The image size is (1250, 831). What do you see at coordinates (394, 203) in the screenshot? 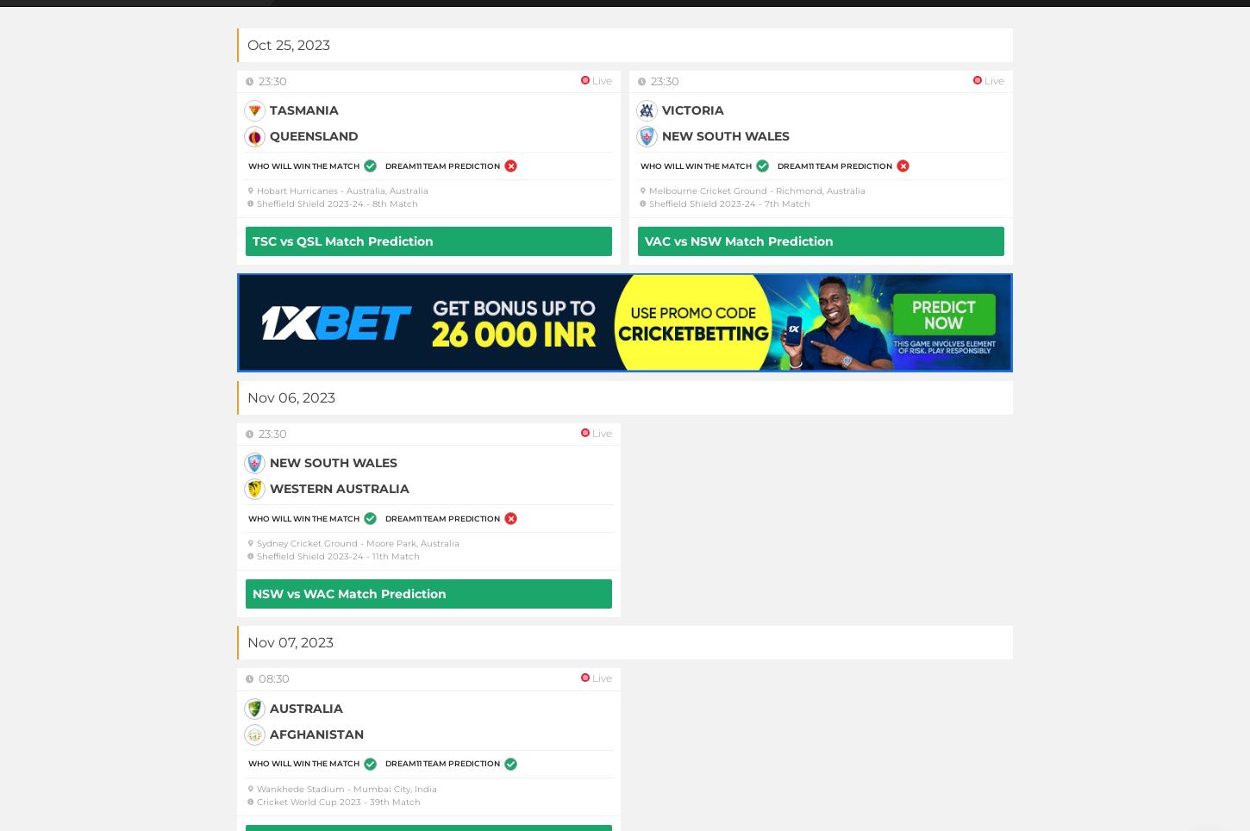
I see `'8th Match'` at bounding box center [394, 203].